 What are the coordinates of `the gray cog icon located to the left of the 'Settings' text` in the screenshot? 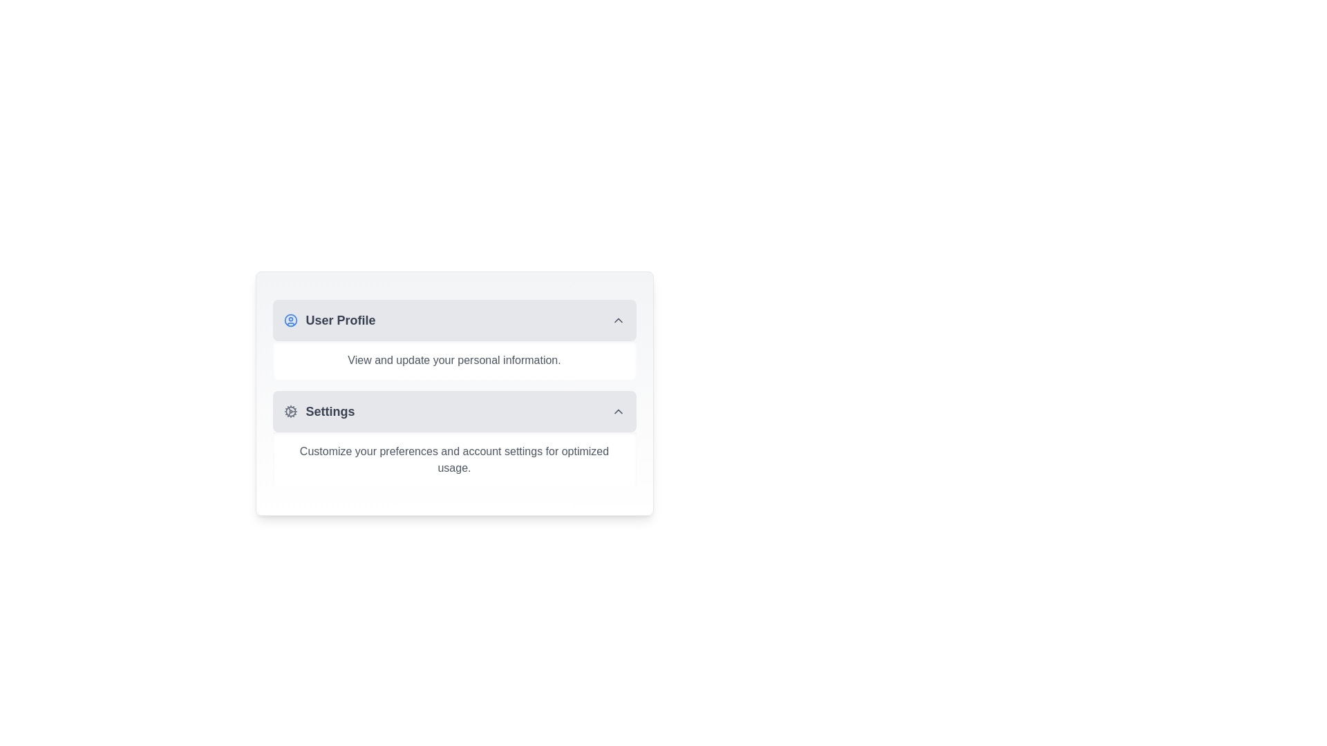 It's located at (290, 411).